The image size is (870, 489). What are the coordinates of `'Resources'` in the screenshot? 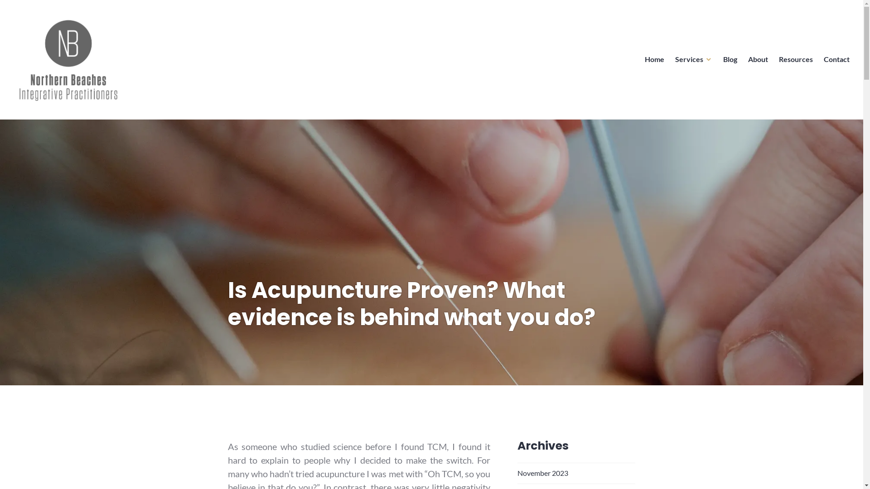 It's located at (795, 59).